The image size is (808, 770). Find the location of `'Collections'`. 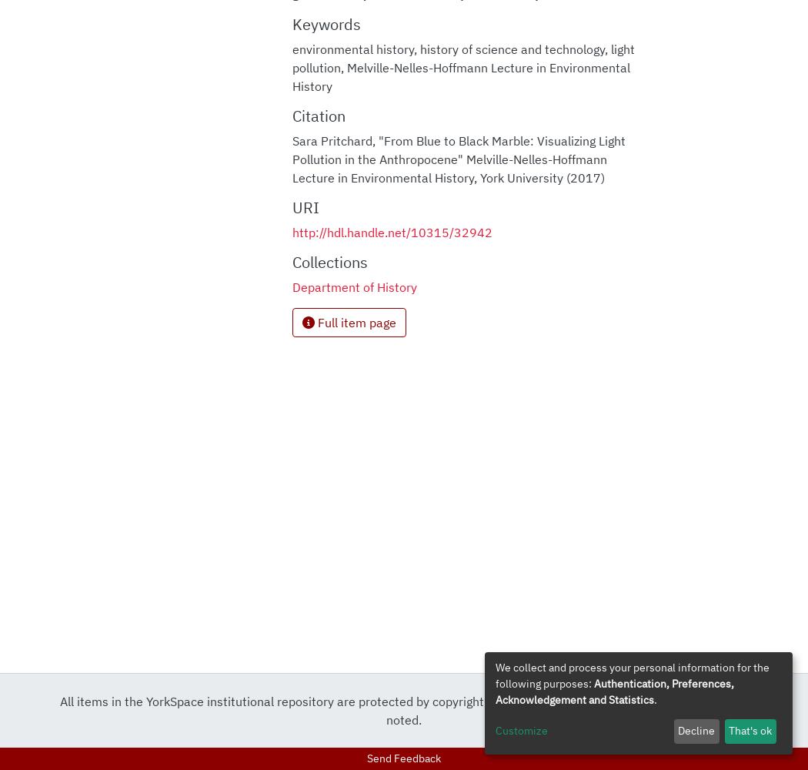

'Collections' is located at coordinates (328, 260).